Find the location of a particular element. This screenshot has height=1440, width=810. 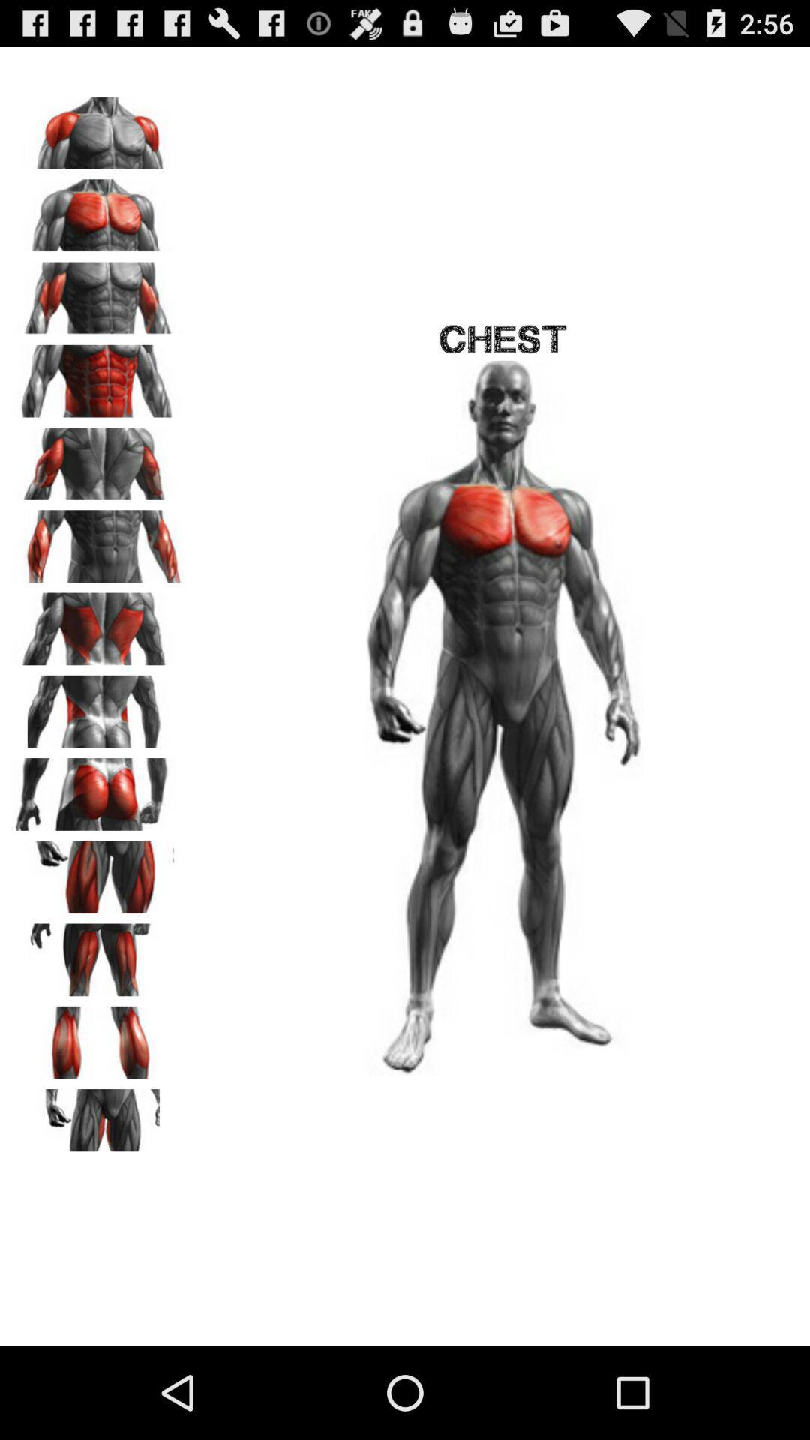

gluteus maximus detail is located at coordinates (98, 788).